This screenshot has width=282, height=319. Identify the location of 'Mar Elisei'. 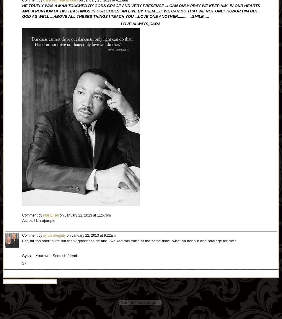
(51, 215).